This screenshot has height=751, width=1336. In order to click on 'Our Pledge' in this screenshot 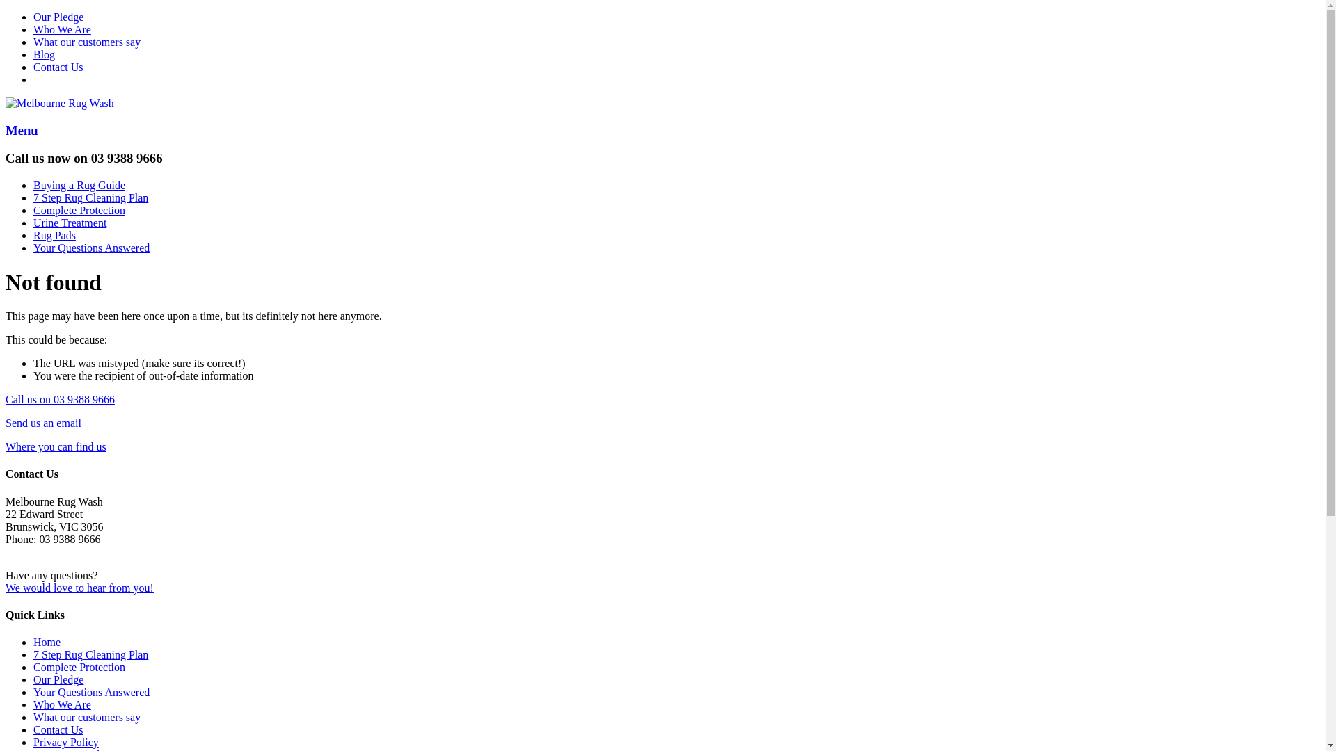, I will do `click(33, 679)`.